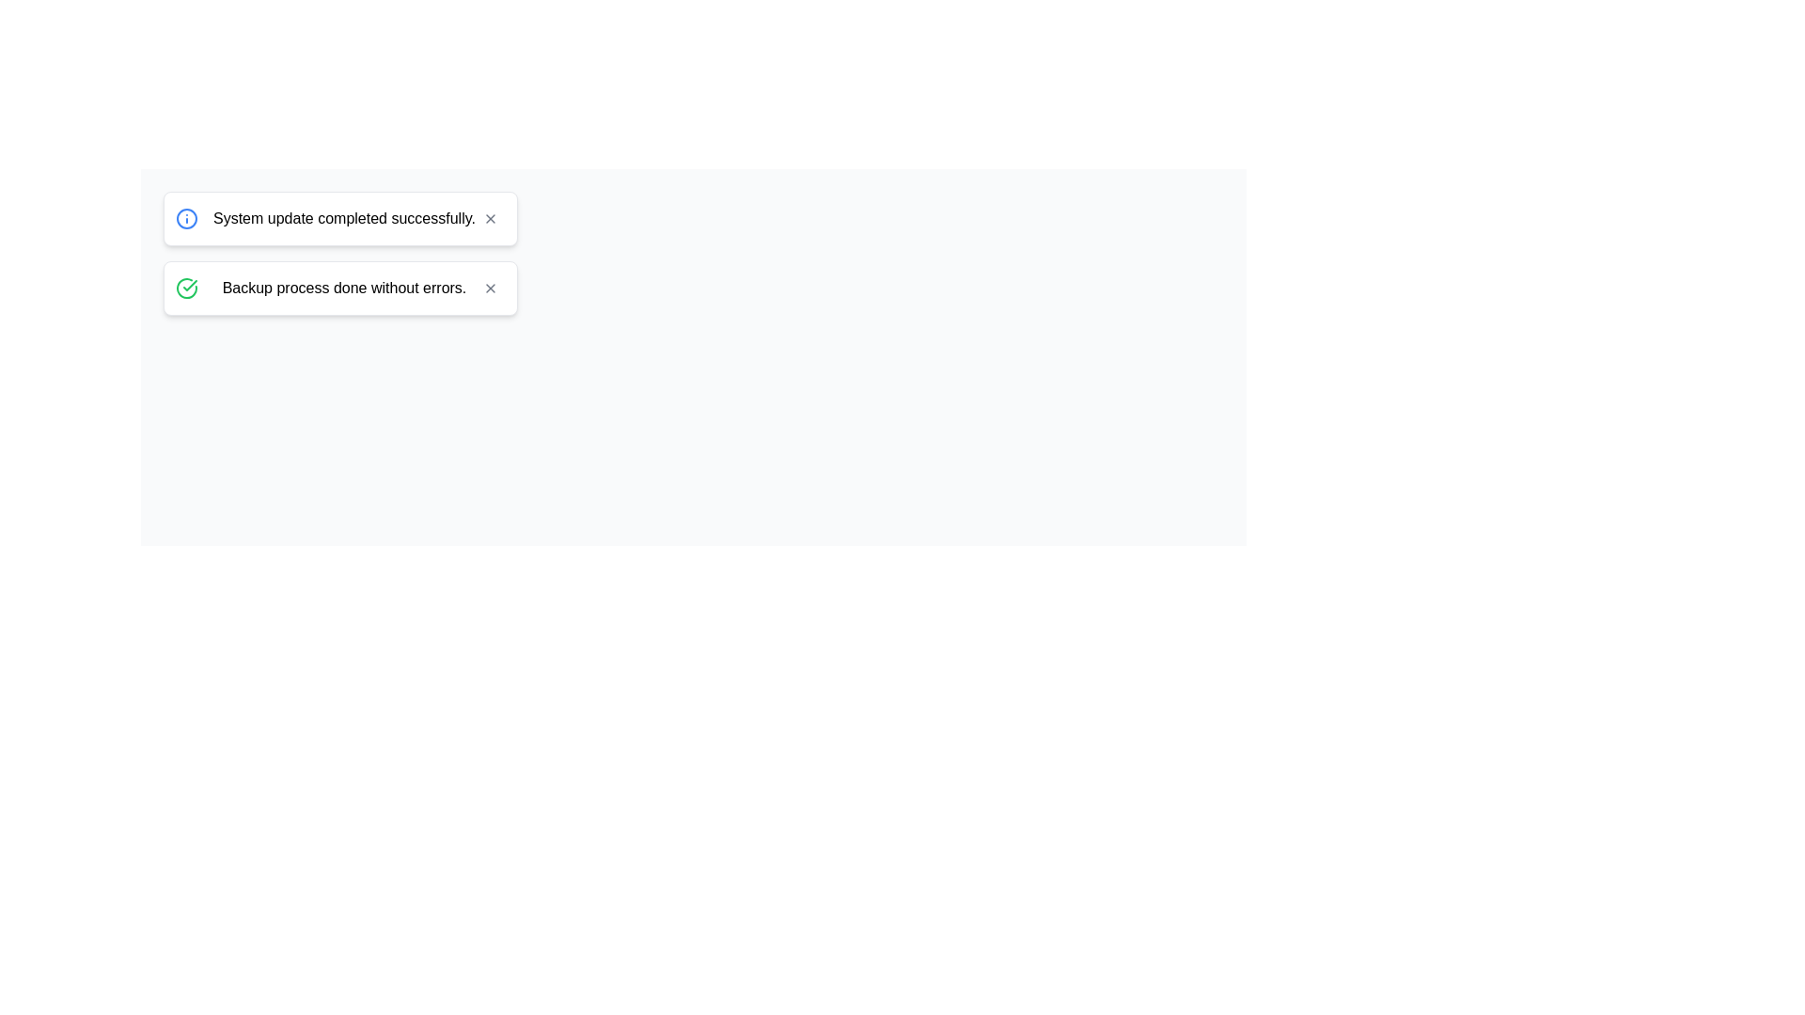 Image resolution: width=1805 pixels, height=1015 pixels. I want to click on the close button (icon) located in the top-right corner of the second notification card, so click(490, 289).